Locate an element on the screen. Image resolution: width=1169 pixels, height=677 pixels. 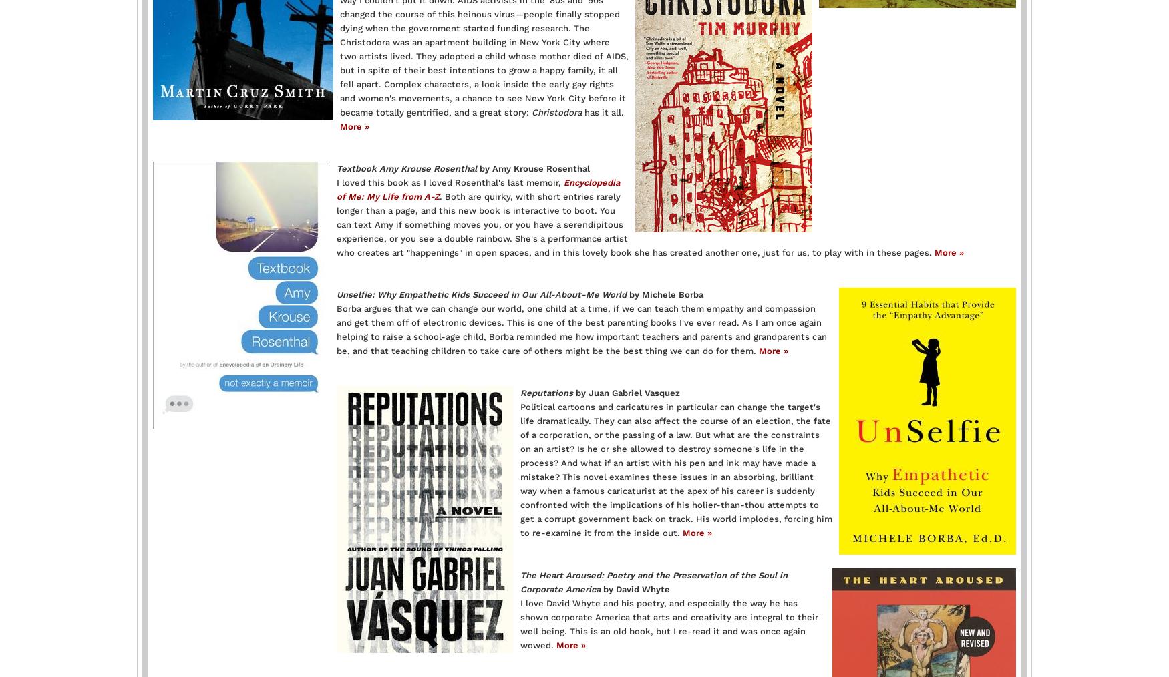
'Borba argues that we can change our world, one child at a time, if we can teach them empathy and compassion and get them off of electronic devices. This is one of the best parenting books I've ever read. As I am once again helping to raise a school-age child, Borba reminded me how important teachers and parents and grandparents can be, and that teaching children to take care of others might be the best thing we can do for them.' is located at coordinates (335, 329).